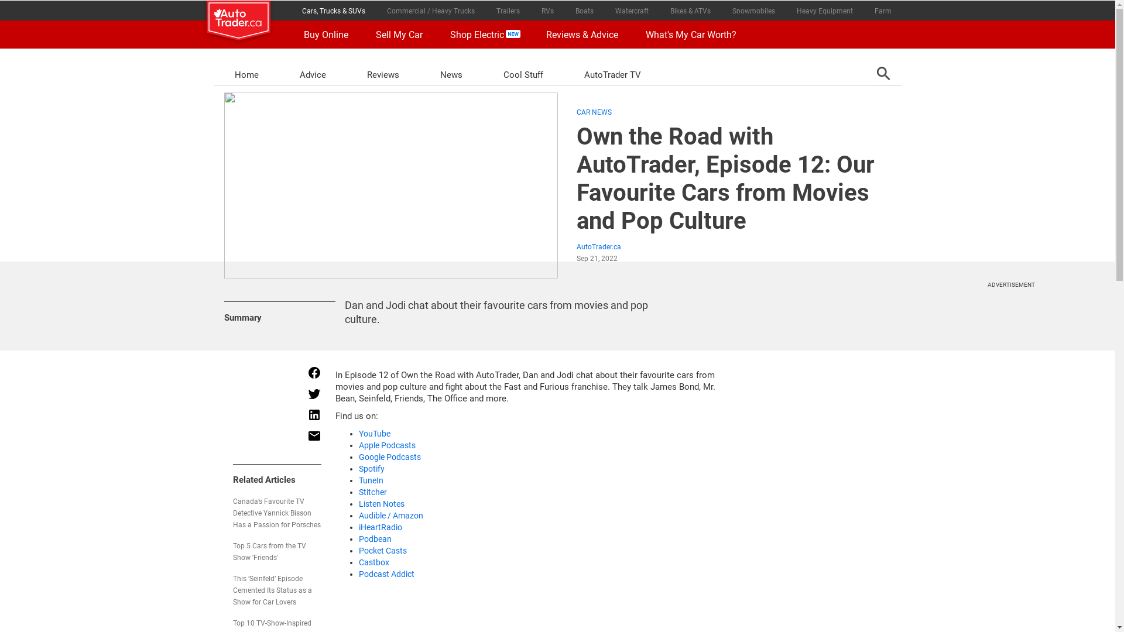 The width and height of the screenshot is (1124, 632). I want to click on 'Commercial / Heavy Trucks', so click(430, 11).